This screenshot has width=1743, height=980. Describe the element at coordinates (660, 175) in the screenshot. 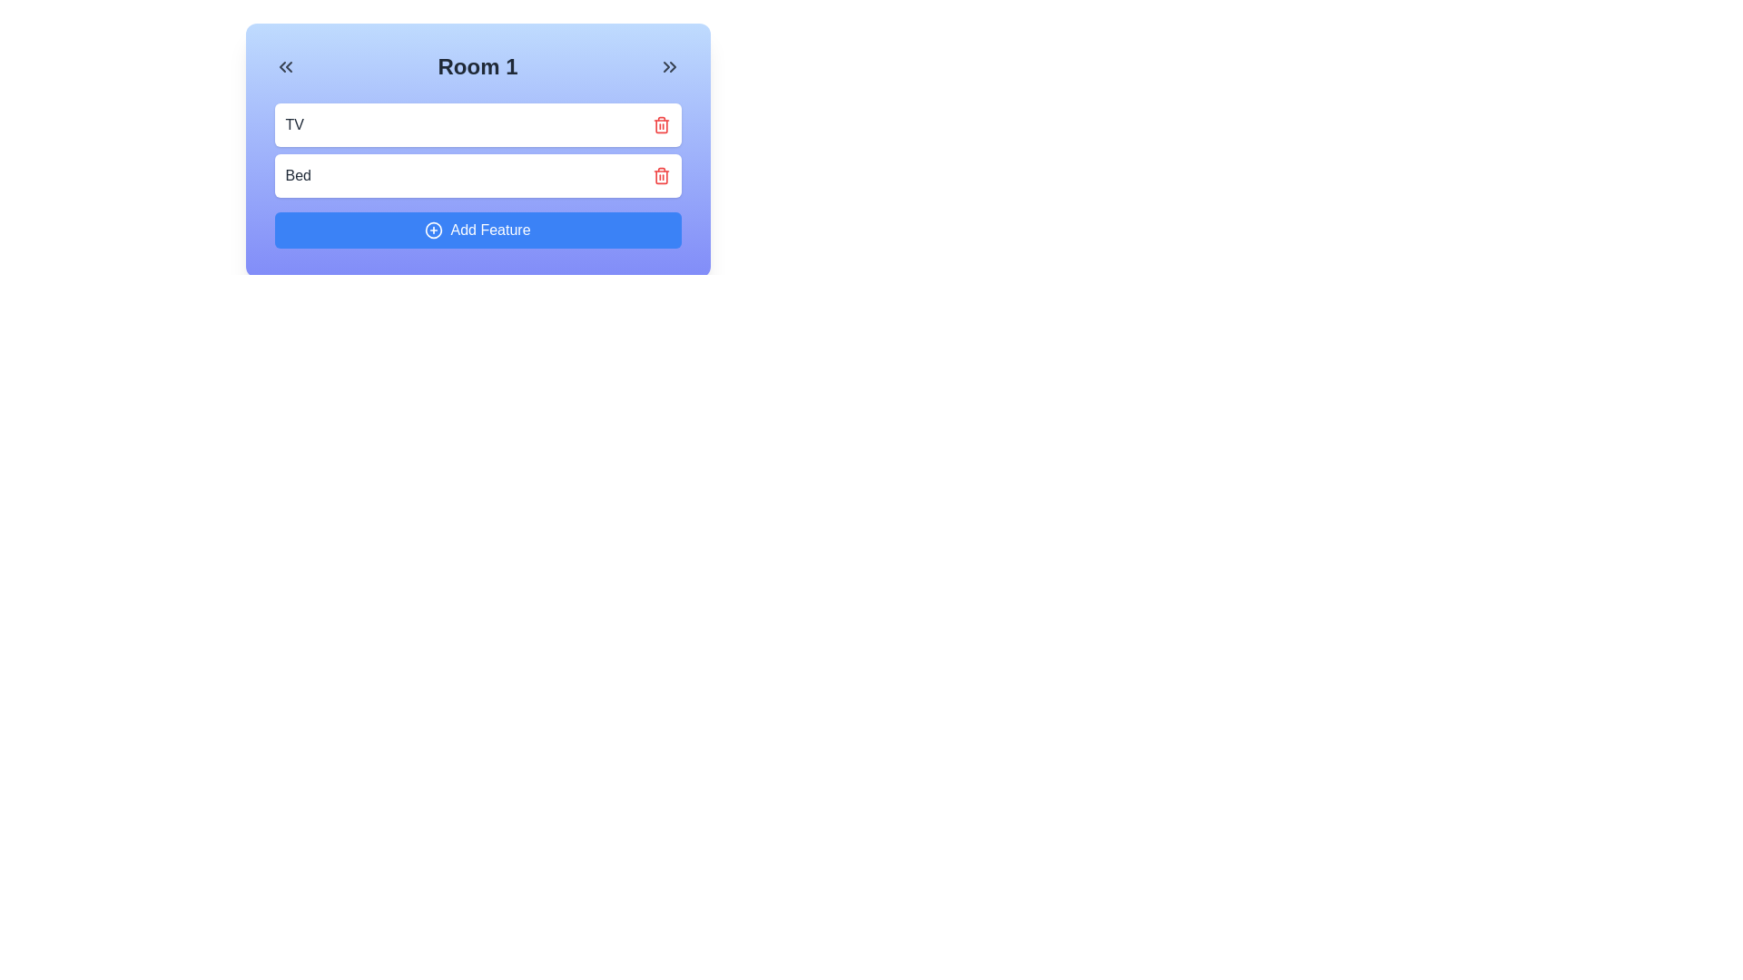

I see `the delete icon button located to the right of the text 'Bed'` at that location.